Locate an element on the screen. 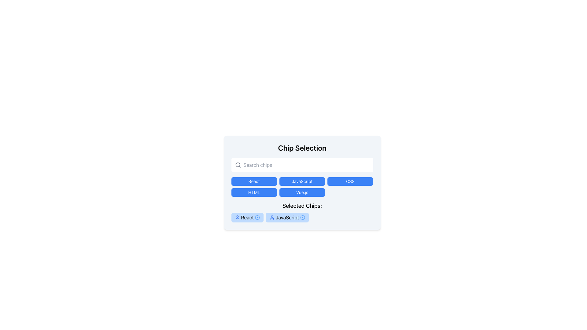 The width and height of the screenshot is (587, 330). the blue button labeled 'JavaScript' to change its background color is located at coordinates (302, 181).